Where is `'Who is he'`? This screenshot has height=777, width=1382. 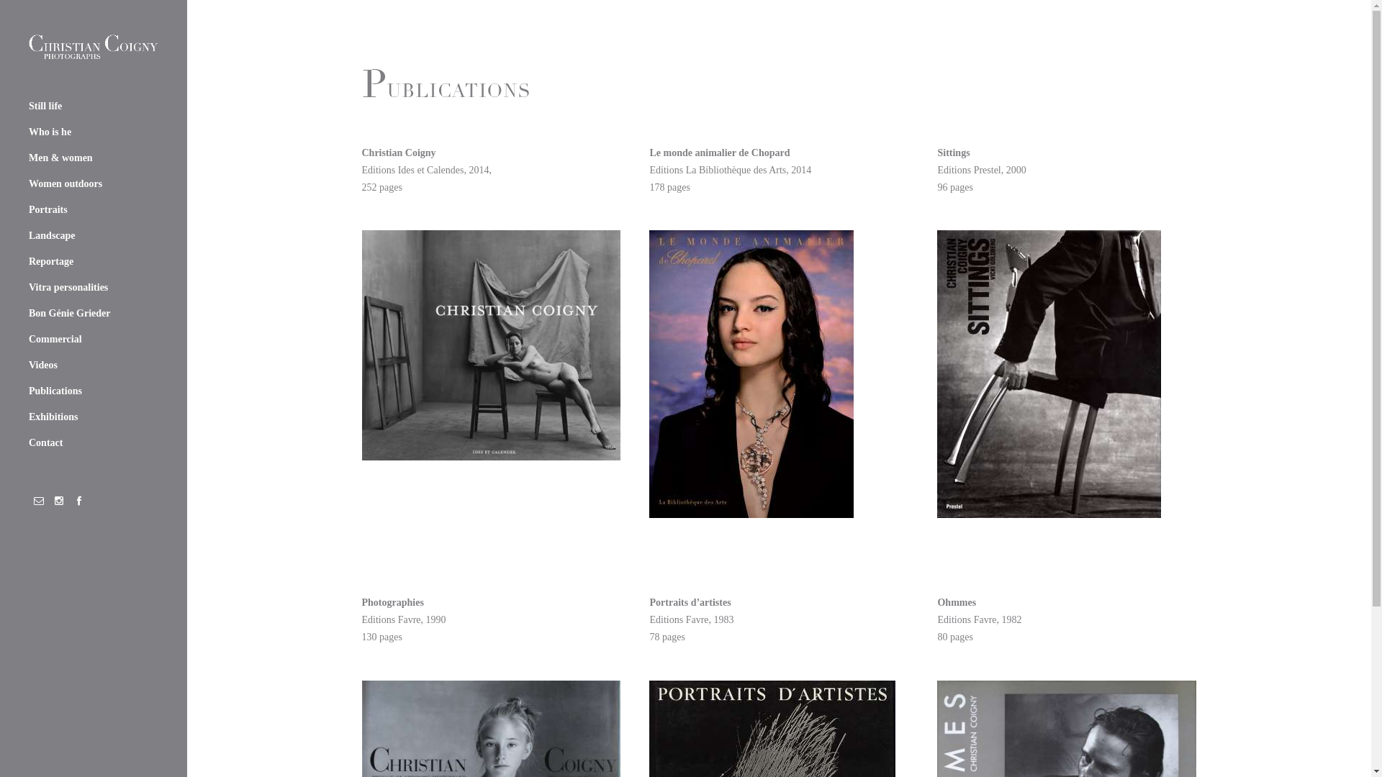 'Who is he' is located at coordinates (92, 132).